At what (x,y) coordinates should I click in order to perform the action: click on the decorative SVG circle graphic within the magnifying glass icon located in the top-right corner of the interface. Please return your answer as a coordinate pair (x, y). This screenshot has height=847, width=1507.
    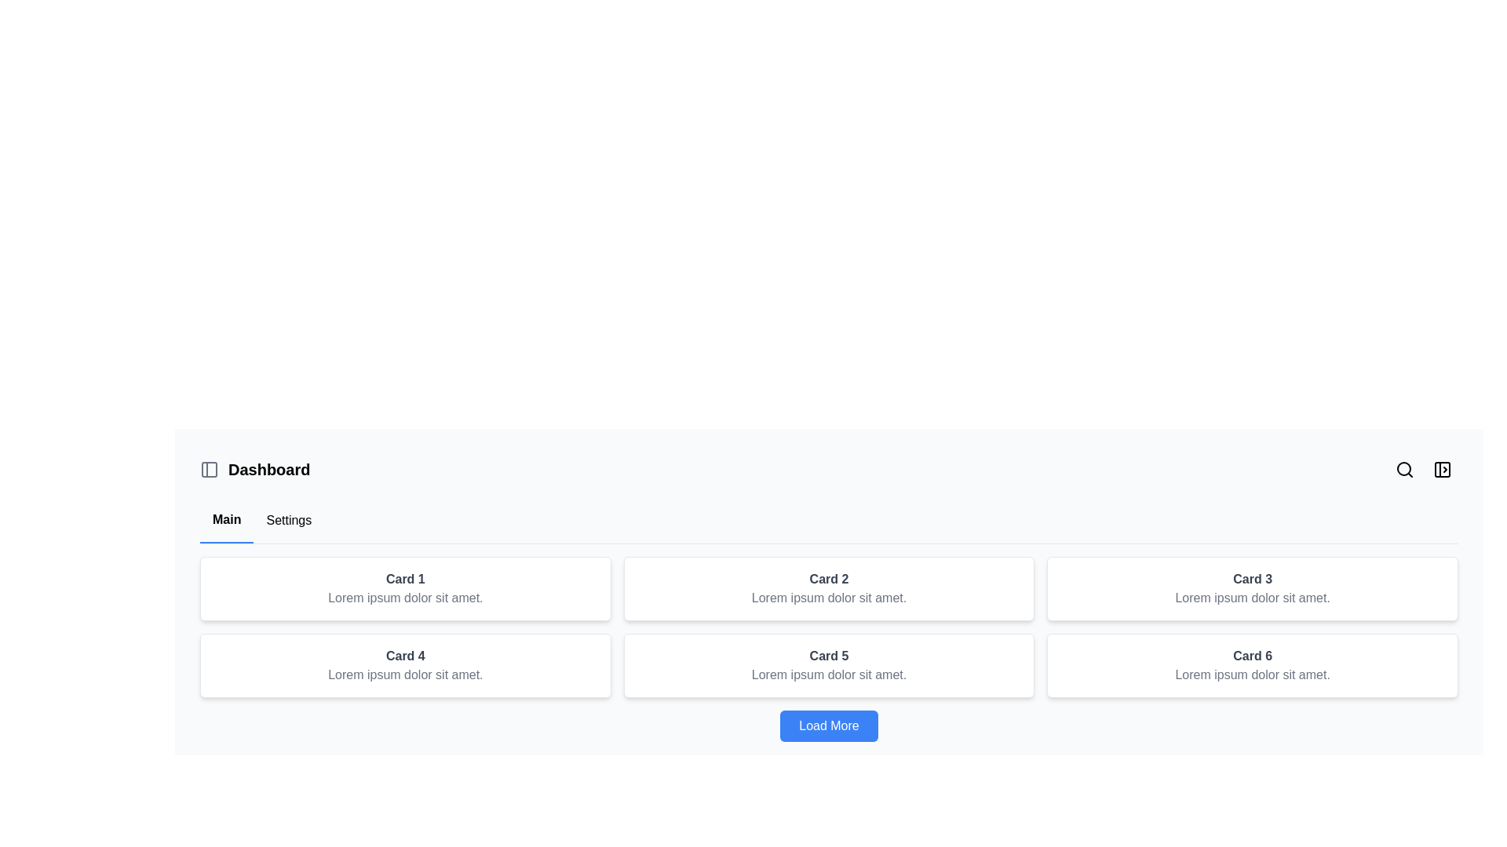
    Looking at the image, I should click on (1404, 467).